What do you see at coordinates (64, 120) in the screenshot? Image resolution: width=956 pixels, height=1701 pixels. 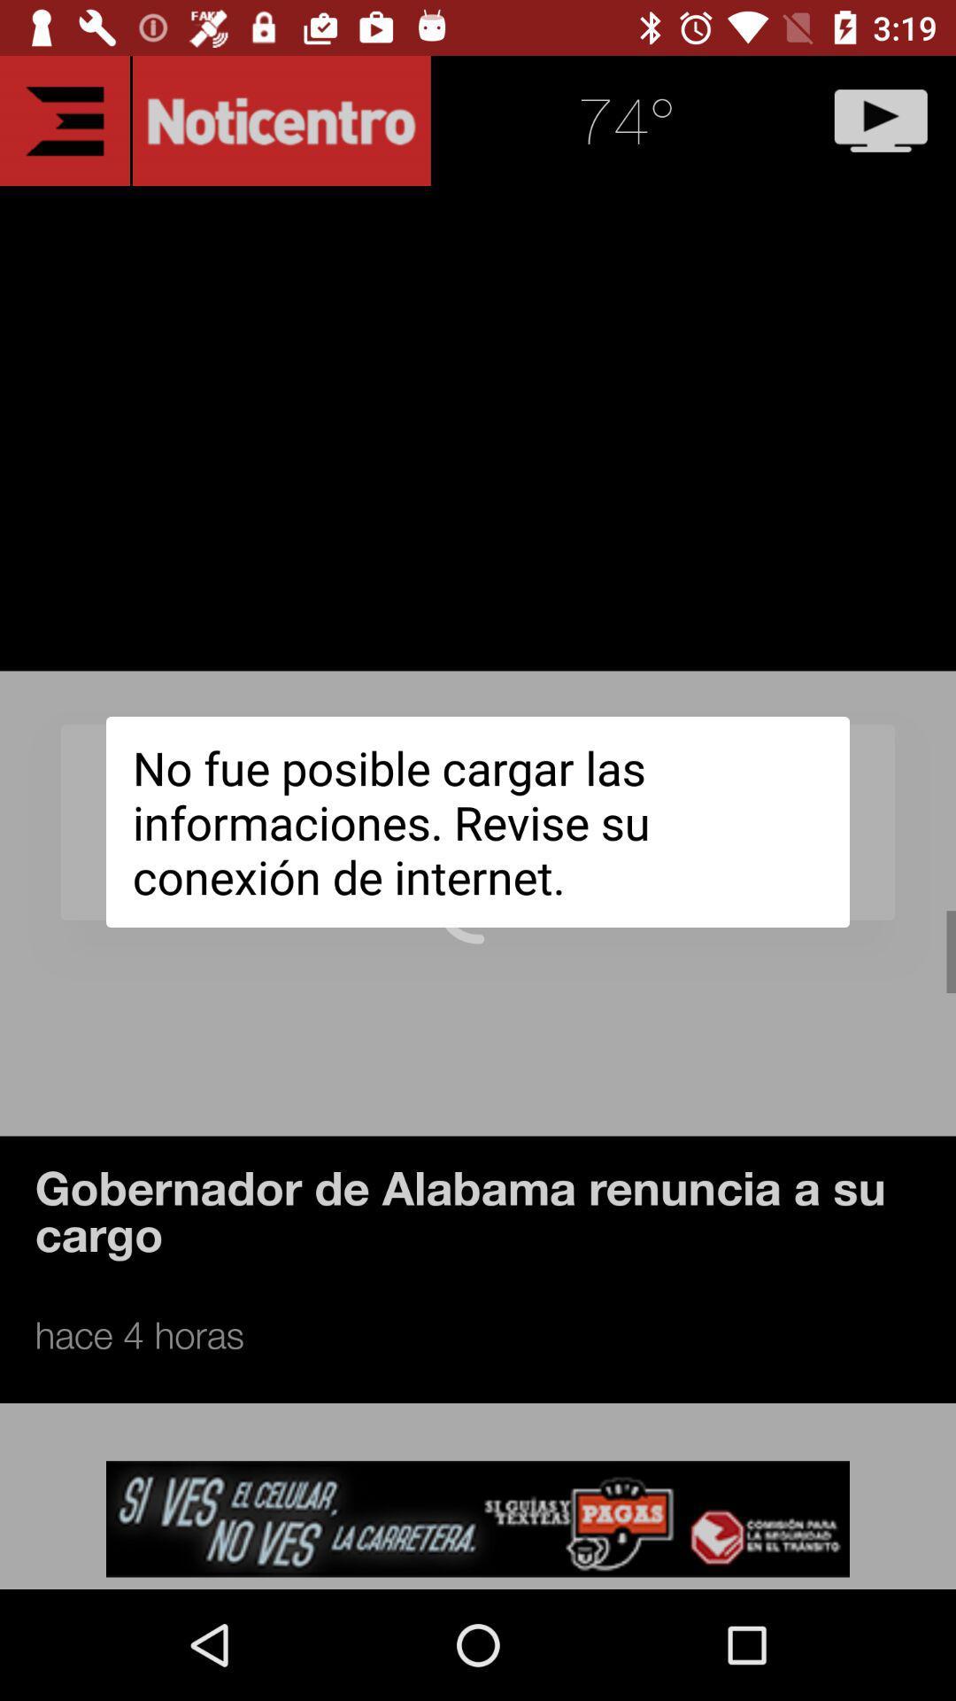 I see `the menu icon` at bounding box center [64, 120].